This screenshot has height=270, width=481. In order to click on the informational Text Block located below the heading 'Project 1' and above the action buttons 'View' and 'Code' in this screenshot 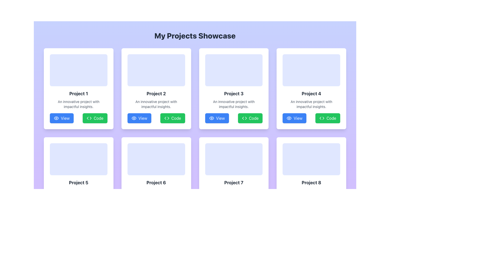, I will do `click(78, 104)`.